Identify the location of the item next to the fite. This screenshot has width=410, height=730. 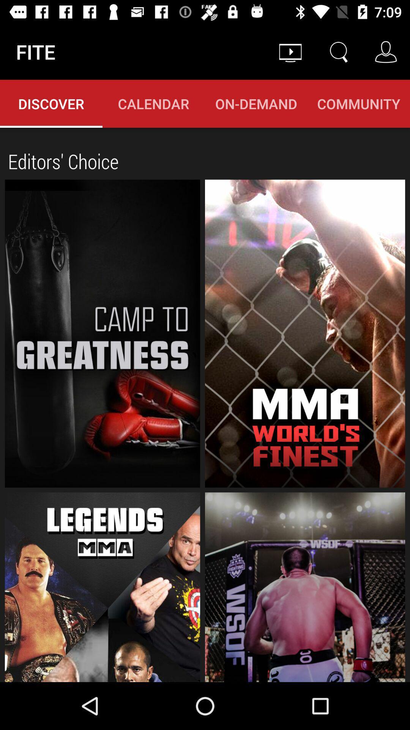
(290, 51).